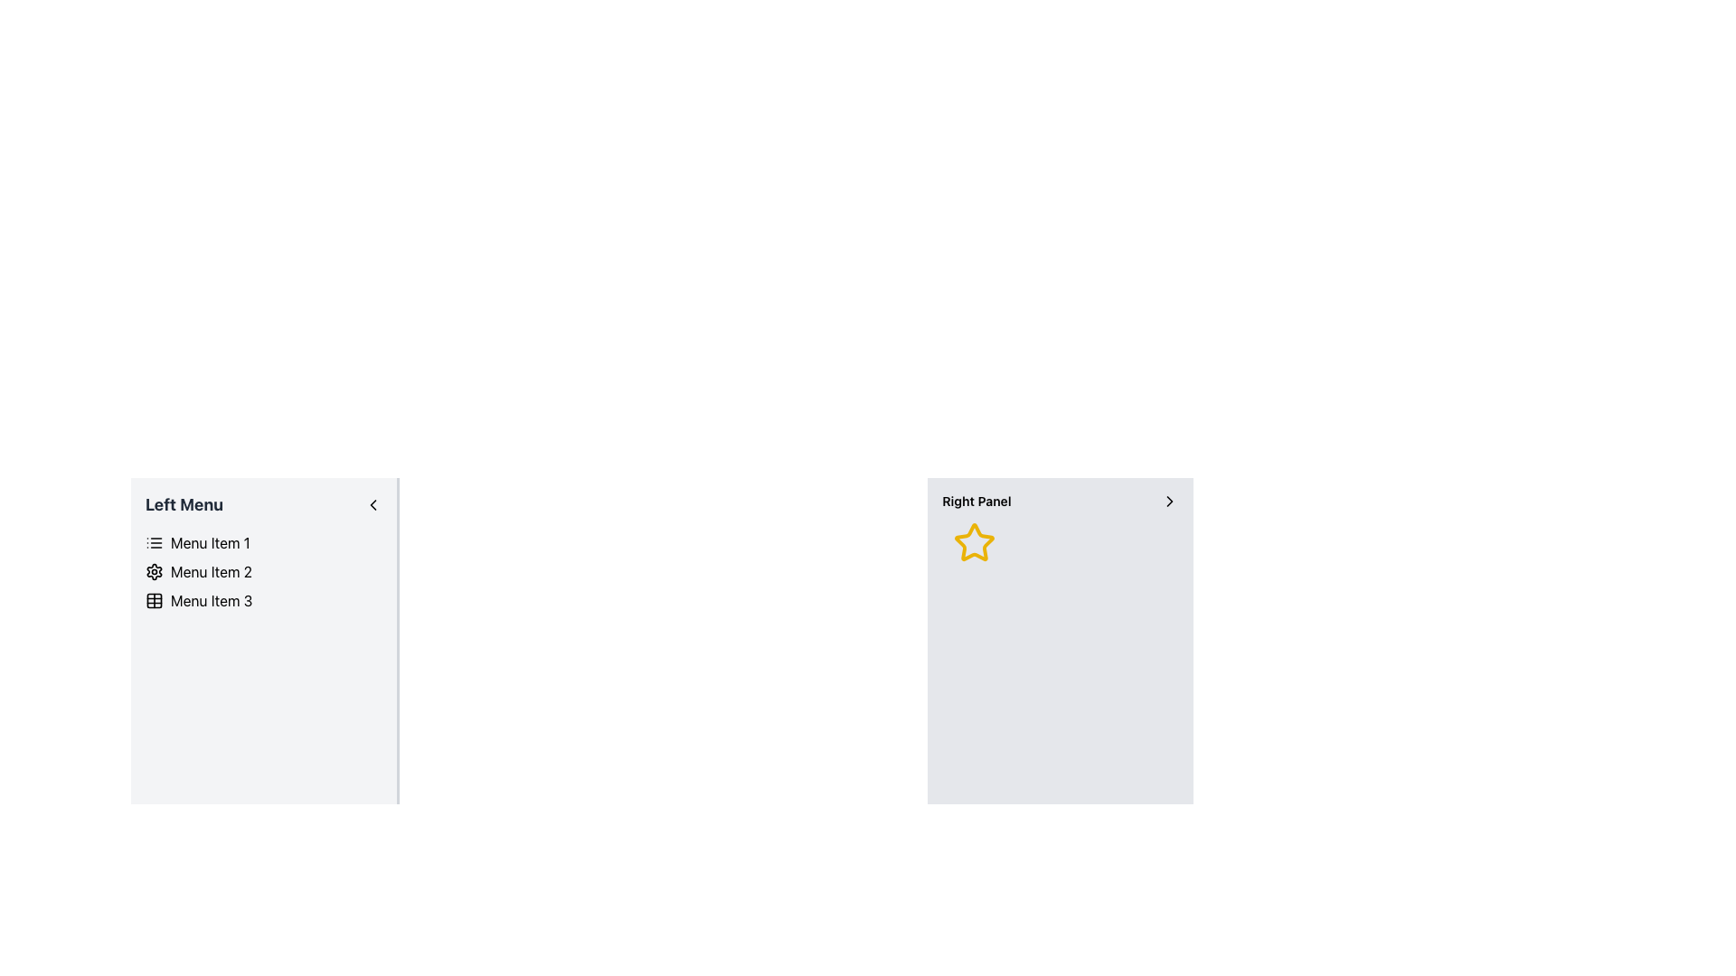 Image resolution: width=1736 pixels, height=976 pixels. Describe the element at coordinates (974, 541) in the screenshot. I see `the star icon, which is a yellow outlined star with a hollow center located in the right panel under the 'Right Panel' heading` at that location.